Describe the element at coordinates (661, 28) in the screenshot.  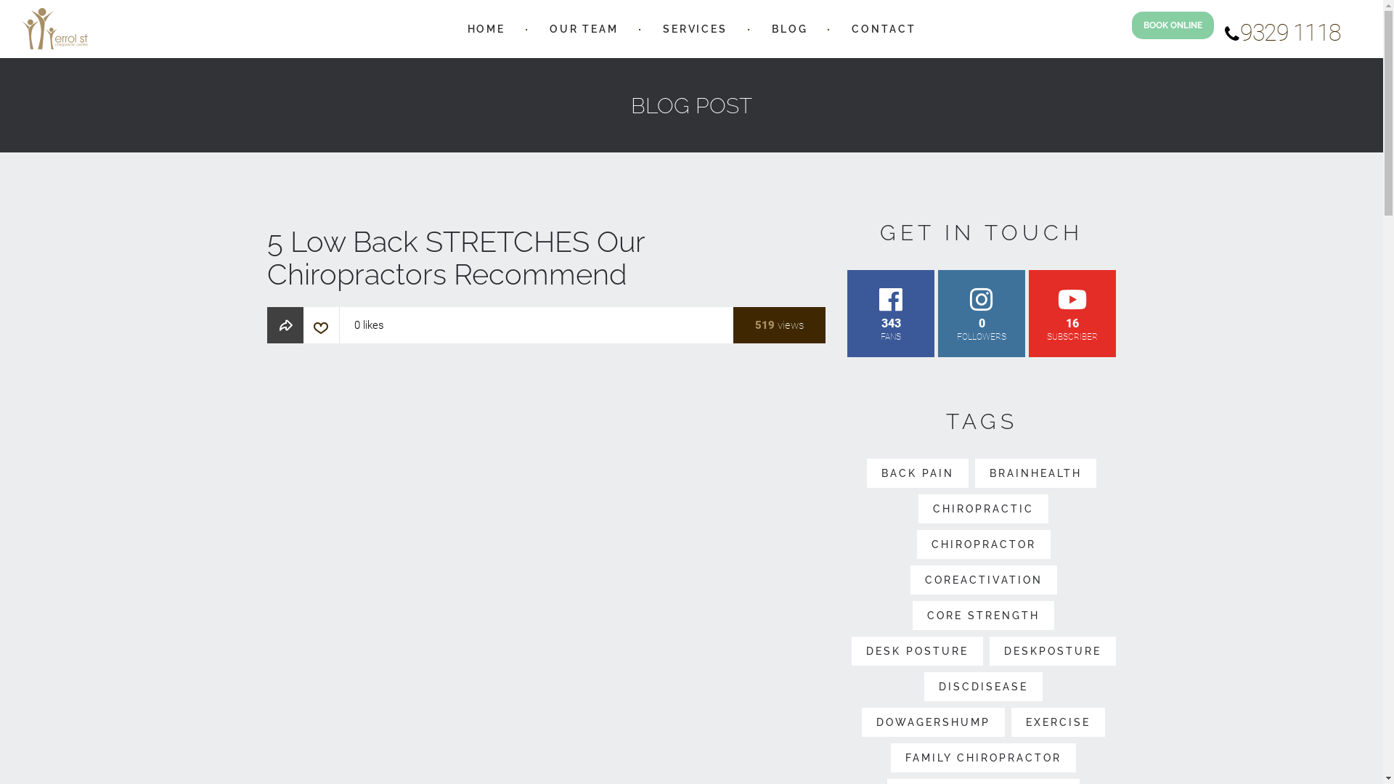
I see `'SERVICES'` at that location.